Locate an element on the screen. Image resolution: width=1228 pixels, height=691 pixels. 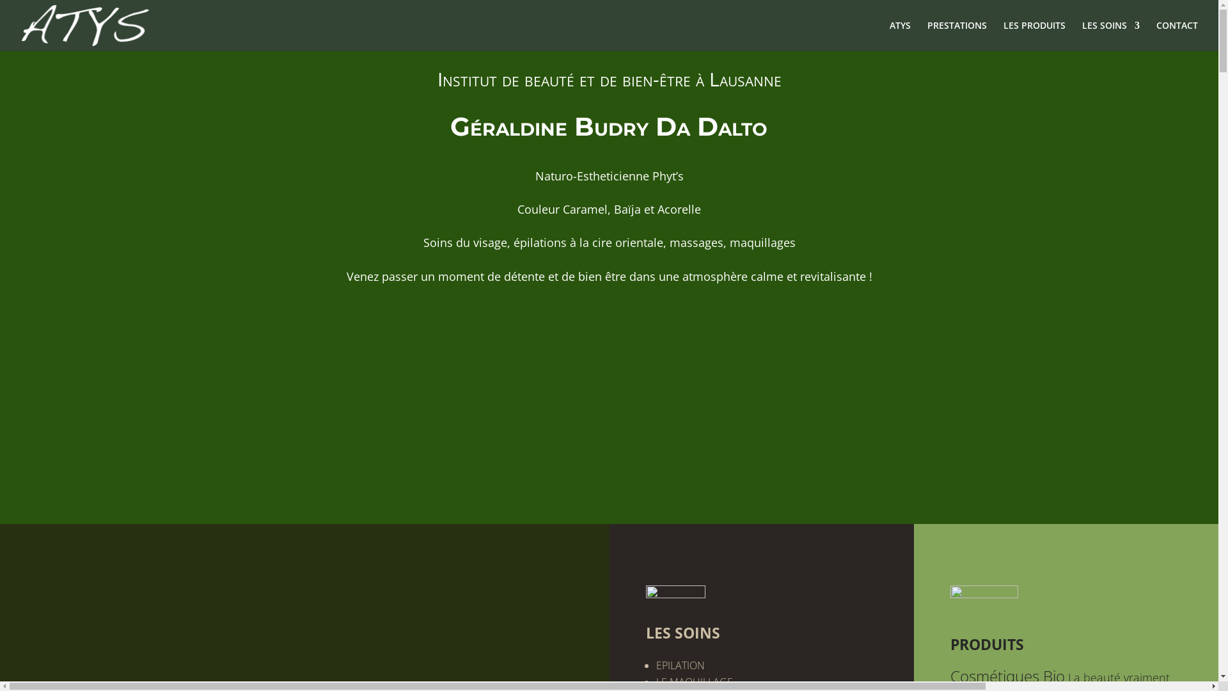
'PRESTATIONS' is located at coordinates (927, 35).